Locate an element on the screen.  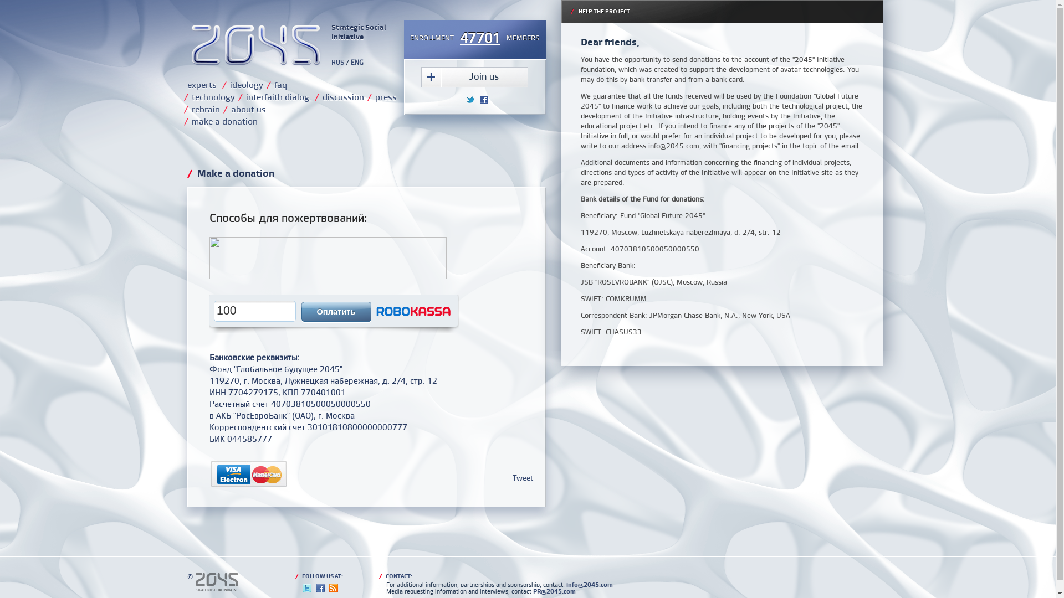
'info@2045.com' is located at coordinates (566, 584).